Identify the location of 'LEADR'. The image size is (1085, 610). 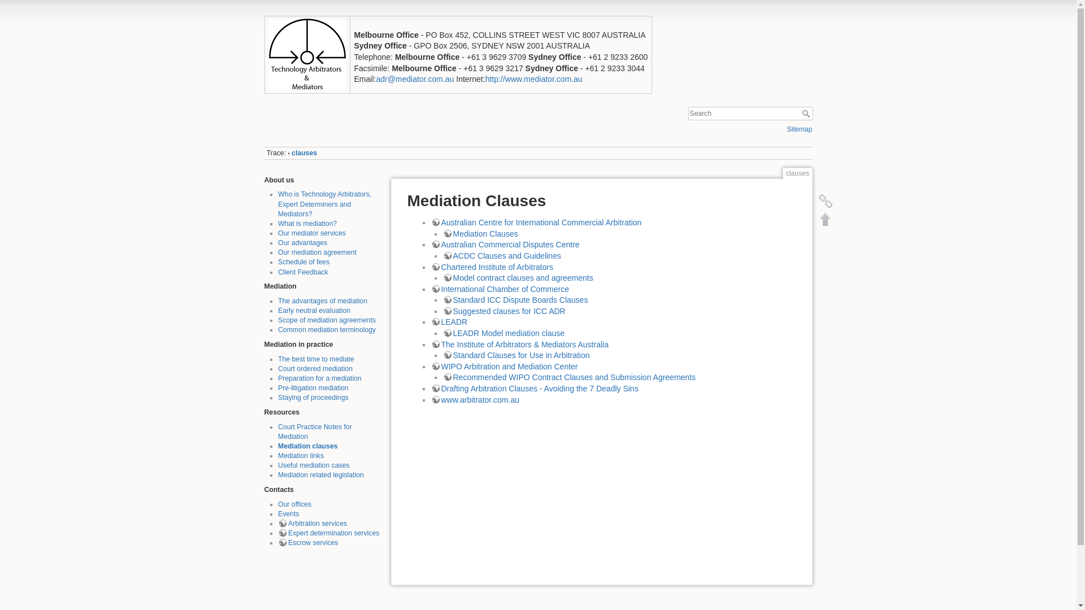
(448, 322).